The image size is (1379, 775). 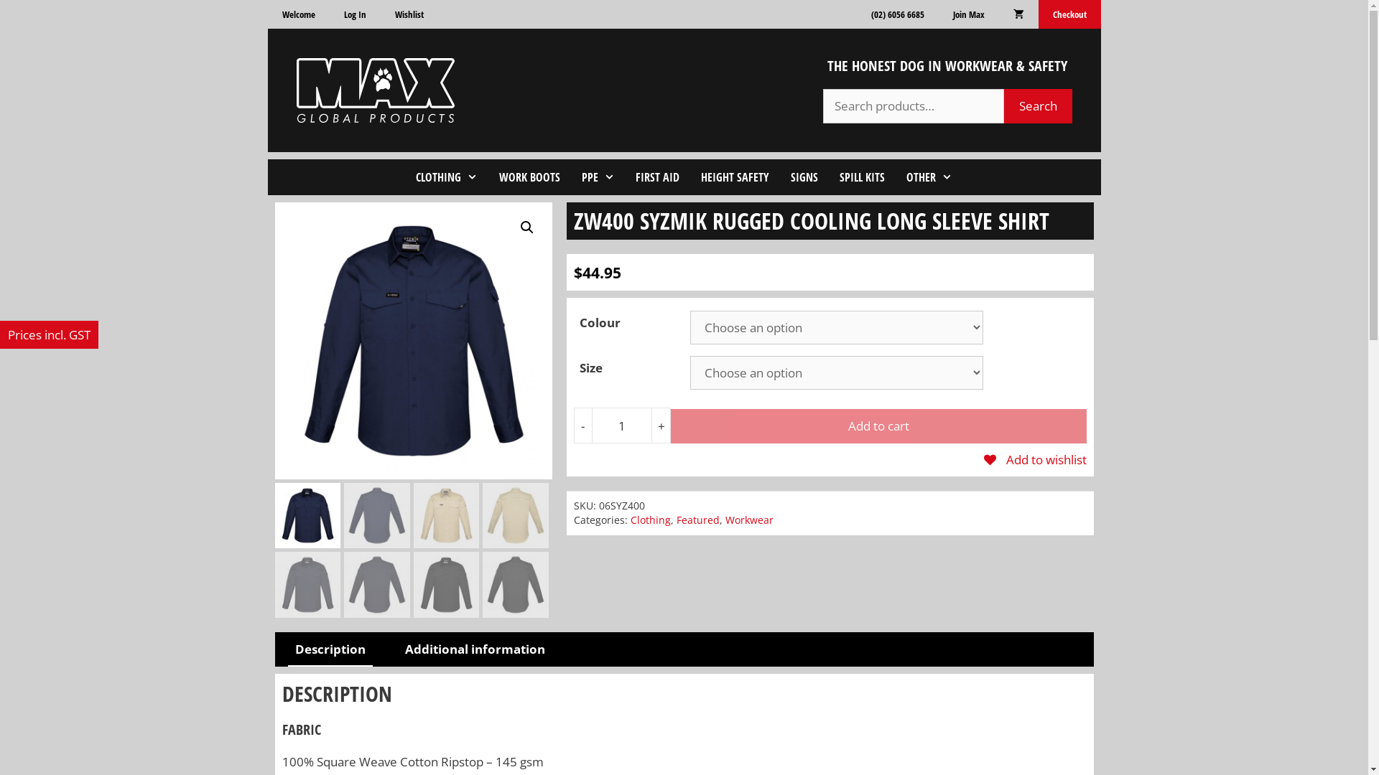 I want to click on 'Clothing', so click(x=650, y=520).